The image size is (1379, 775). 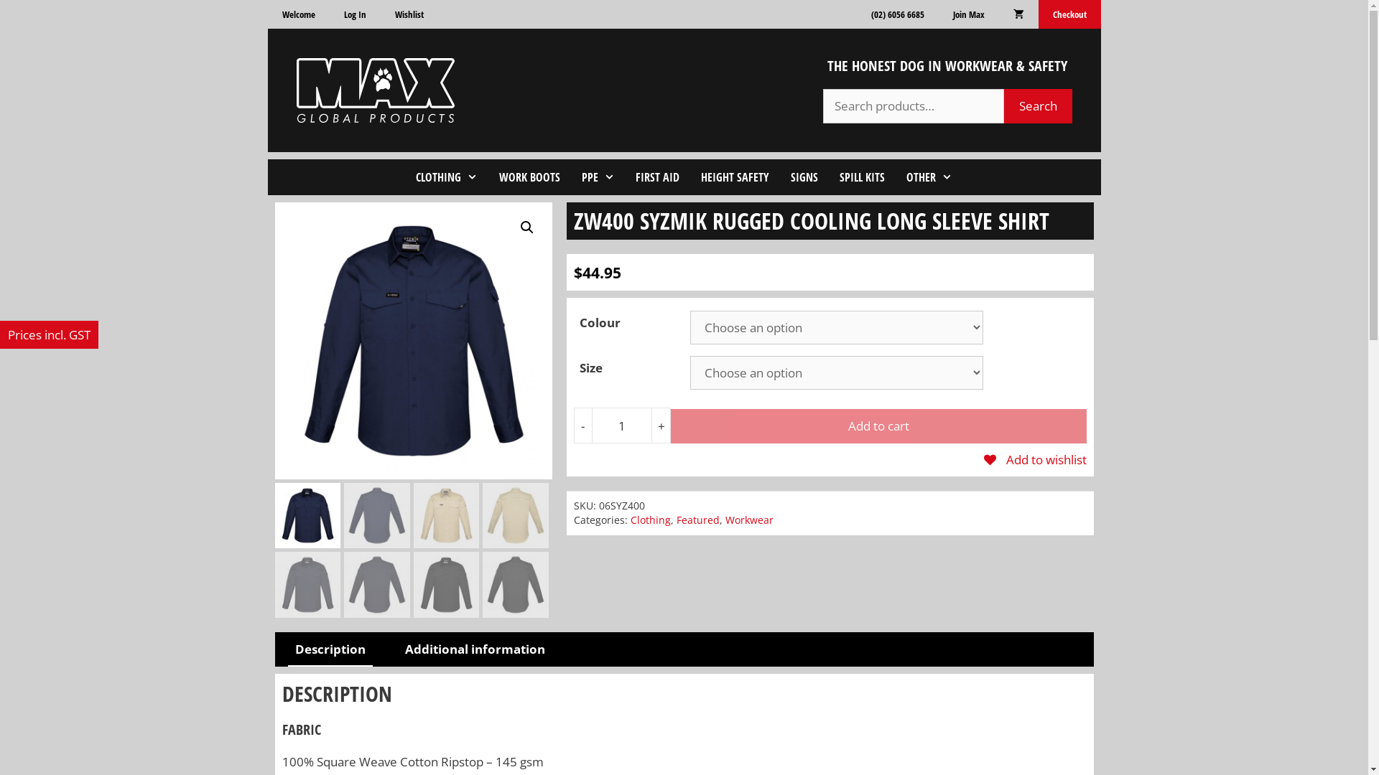 I want to click on 'Clothing', so click(x=650, y=520).